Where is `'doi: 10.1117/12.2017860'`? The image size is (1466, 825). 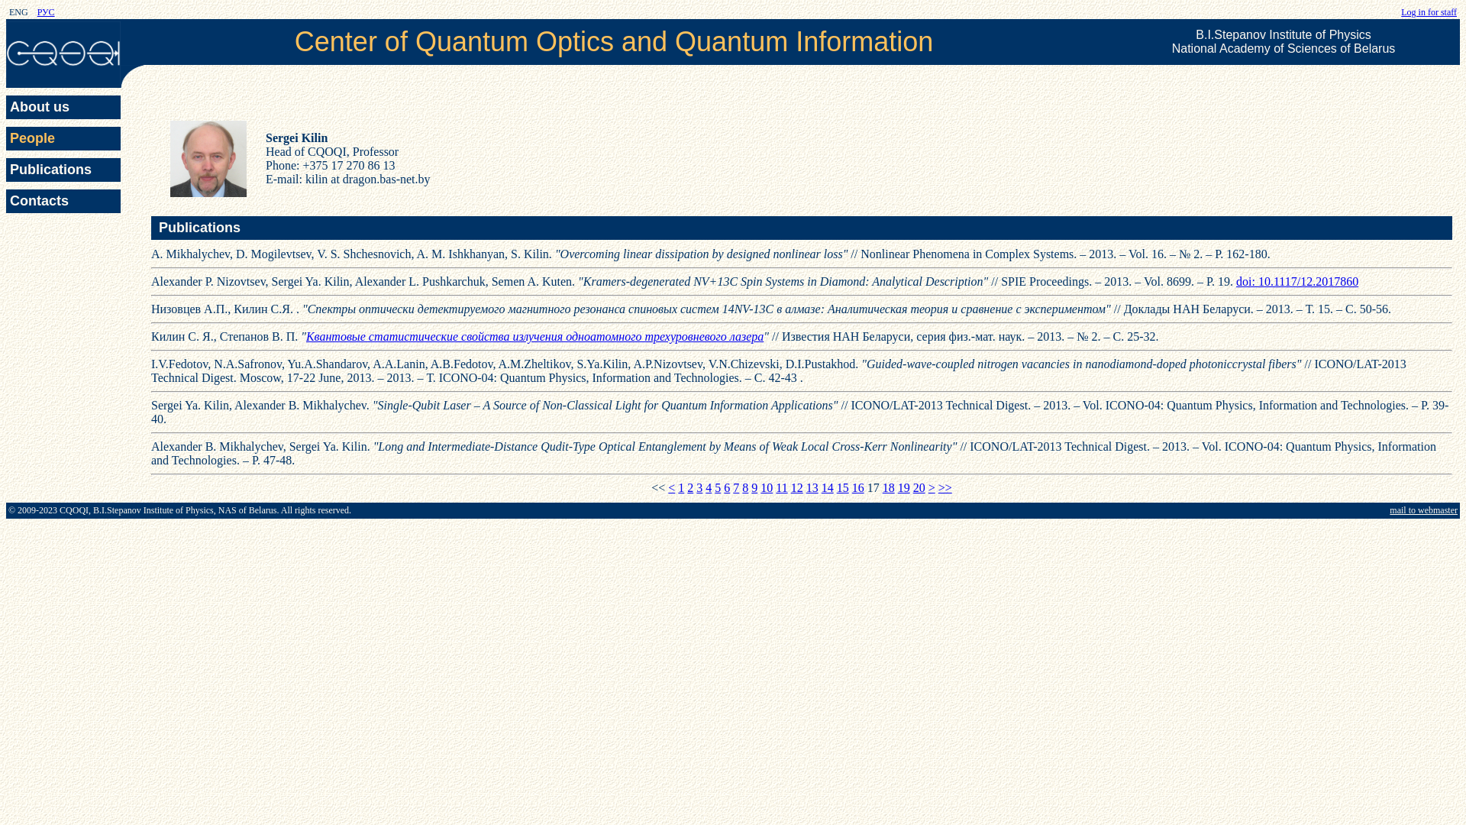 'doi: 10.1117/12.2017860' is located at coordinates (1296, 281).